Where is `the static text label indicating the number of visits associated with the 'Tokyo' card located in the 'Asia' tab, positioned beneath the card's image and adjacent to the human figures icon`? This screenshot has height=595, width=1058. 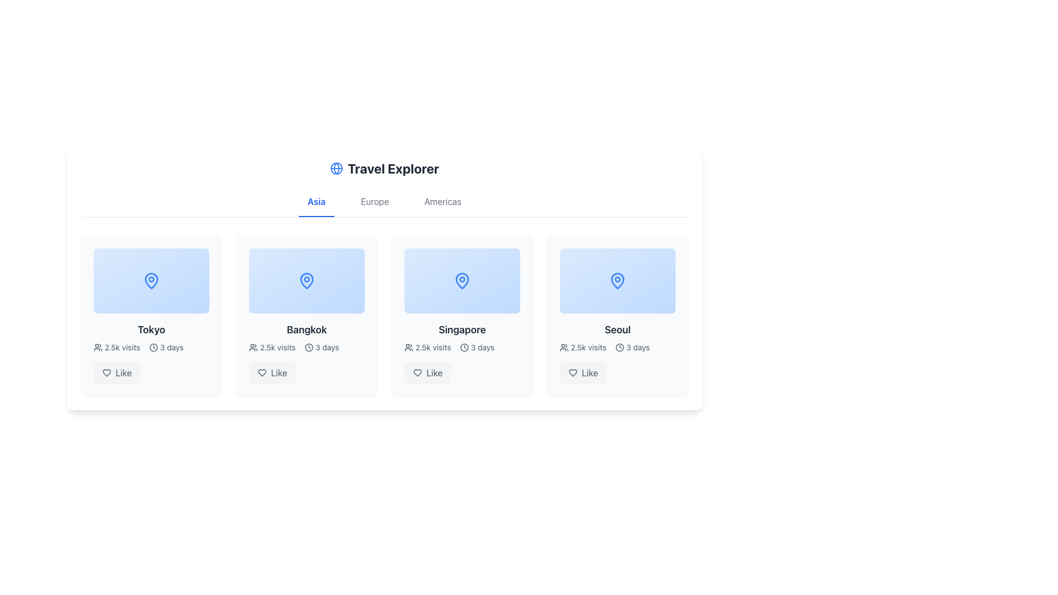
the static text label indicating the number of visits associated with the 'Tokyo' card located in the 'Asia' tab, positioned beneath the card's image and adjacent to the human figures icon is located at coordinates (122, 348).